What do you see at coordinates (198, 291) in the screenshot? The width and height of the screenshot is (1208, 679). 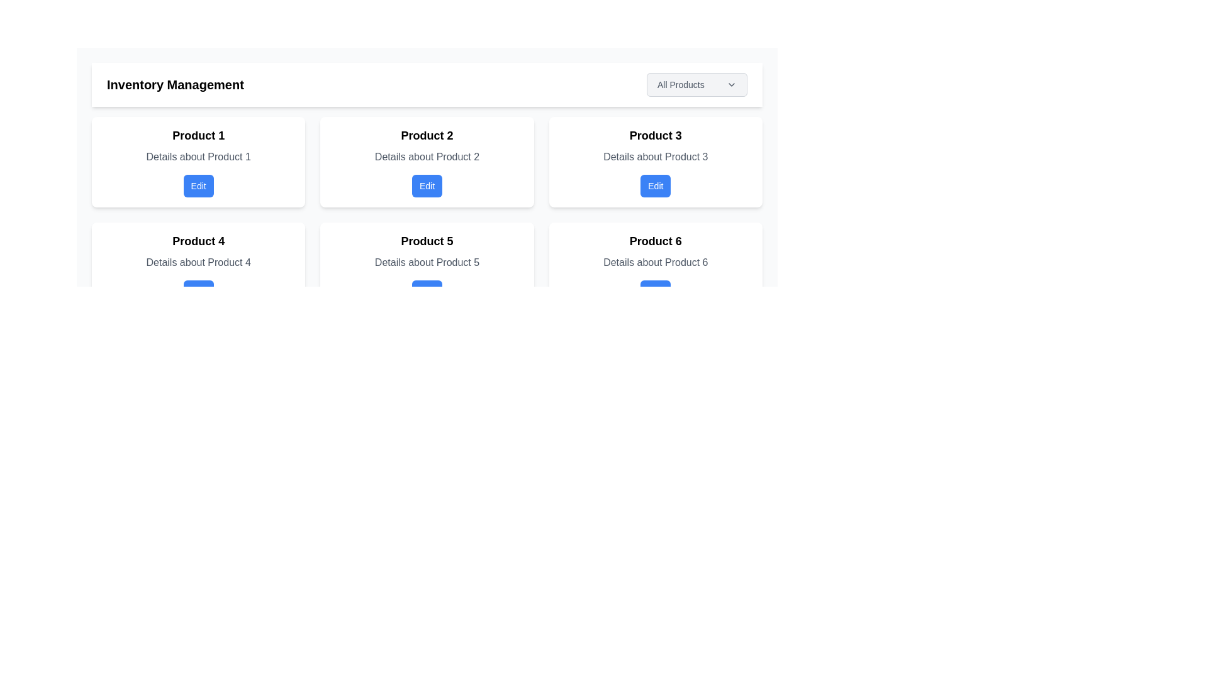 I see `the actionable button below 'Product 4' to initiate editing for Product 4` at bounding box center [198, 291].